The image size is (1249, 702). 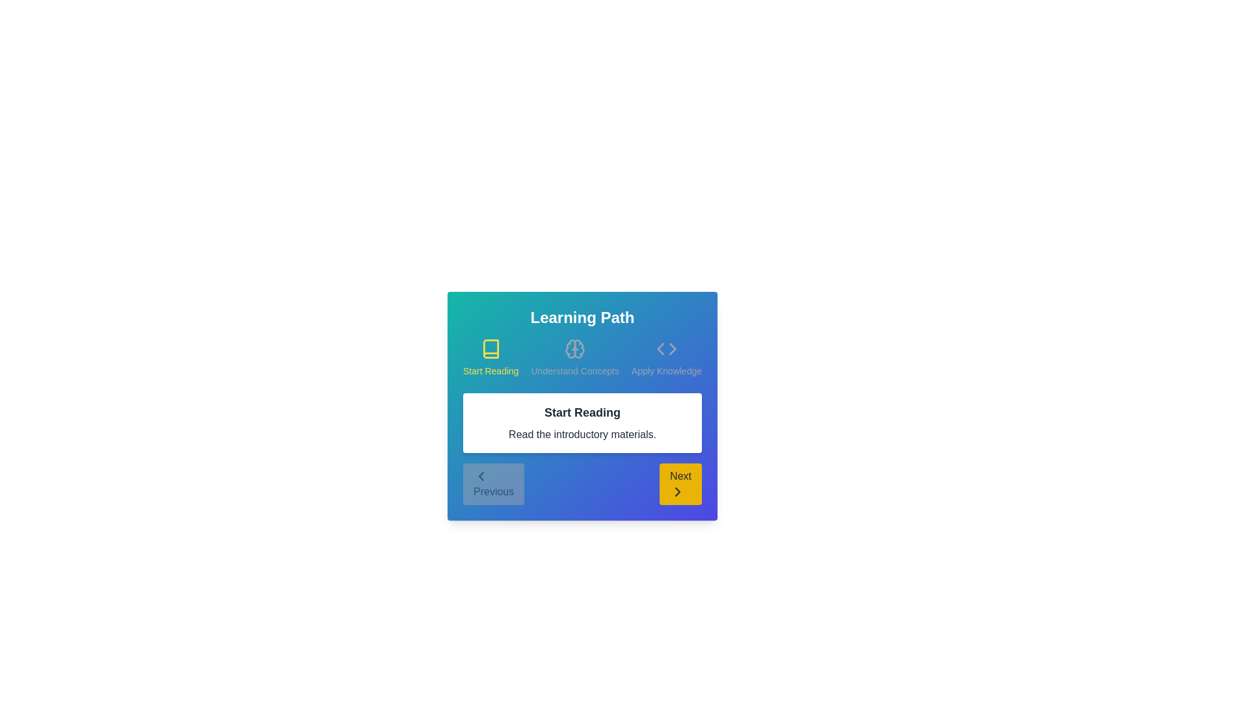 What do you see at coordinates (490, 348) in the screenshot?
I see `the icon representing the step Start Reading` at bounding box center [490, 348].